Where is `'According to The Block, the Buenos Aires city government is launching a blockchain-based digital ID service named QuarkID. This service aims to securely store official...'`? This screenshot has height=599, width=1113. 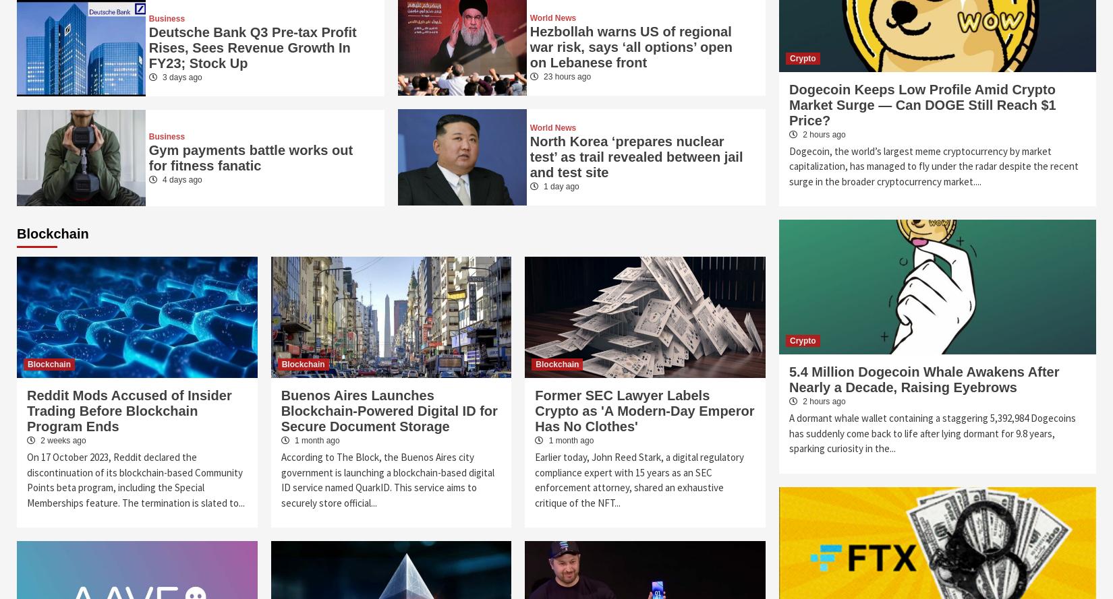 'According to The Block, the Buenos Aires city government is launching a blockchain-based digital ID service named QuarkID. This service aims to securely store official...' is located at coordinates (387, 479).